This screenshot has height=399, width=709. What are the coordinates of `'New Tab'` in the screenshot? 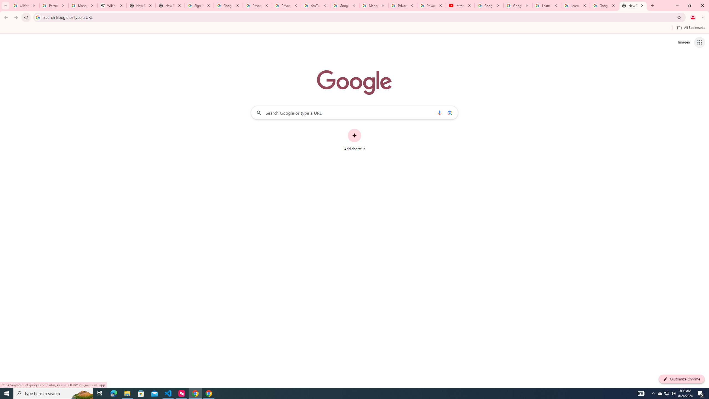 It's located at (633, 5).